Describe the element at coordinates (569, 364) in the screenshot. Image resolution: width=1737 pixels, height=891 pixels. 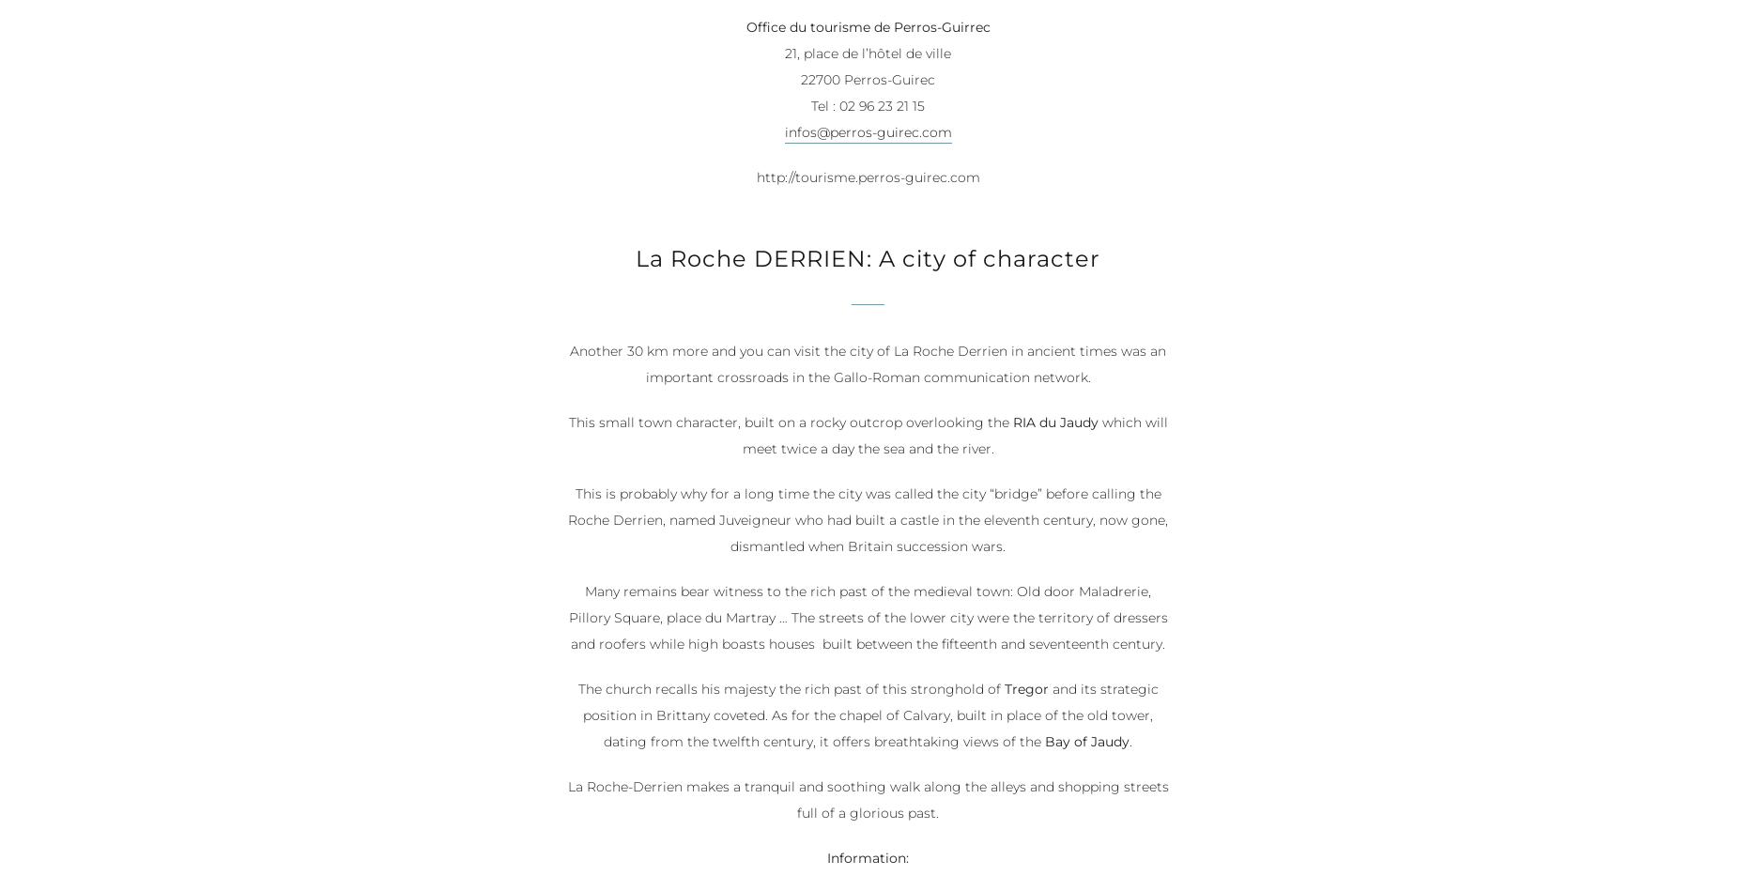
I see `'Another 30 km more and you can visit the city of La Roche Derrien in ancient times was an important crossroads in the Gallo-Roman communication network.'` at that location.